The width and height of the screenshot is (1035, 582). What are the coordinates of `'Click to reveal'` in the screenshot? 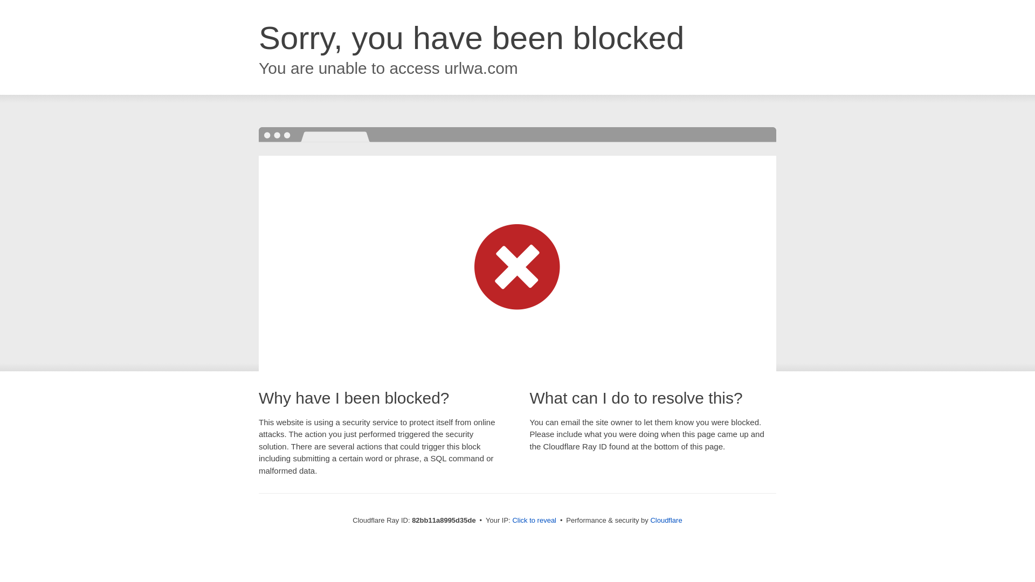 It's located at (534, 519).